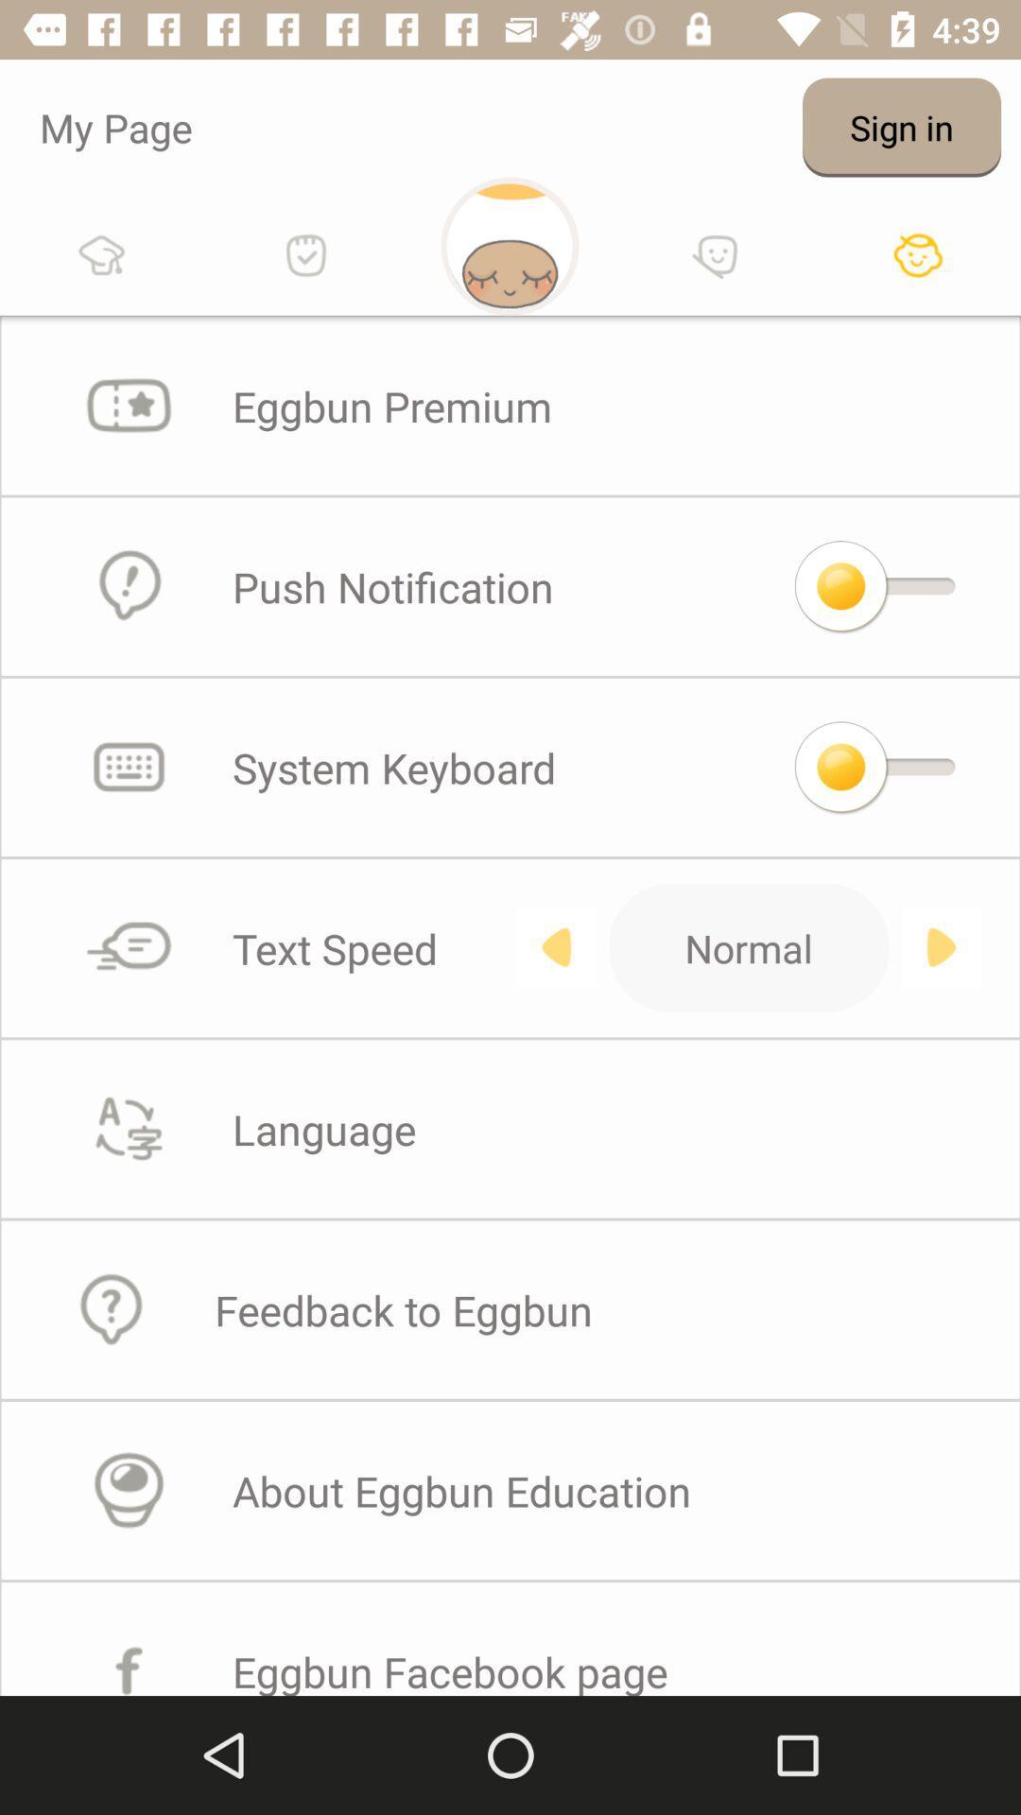 The width and height of the screenshot is (1021, 1815). Describe the element at coordinates (941, 947) in the screenshot. I see `the play icon` at that location.